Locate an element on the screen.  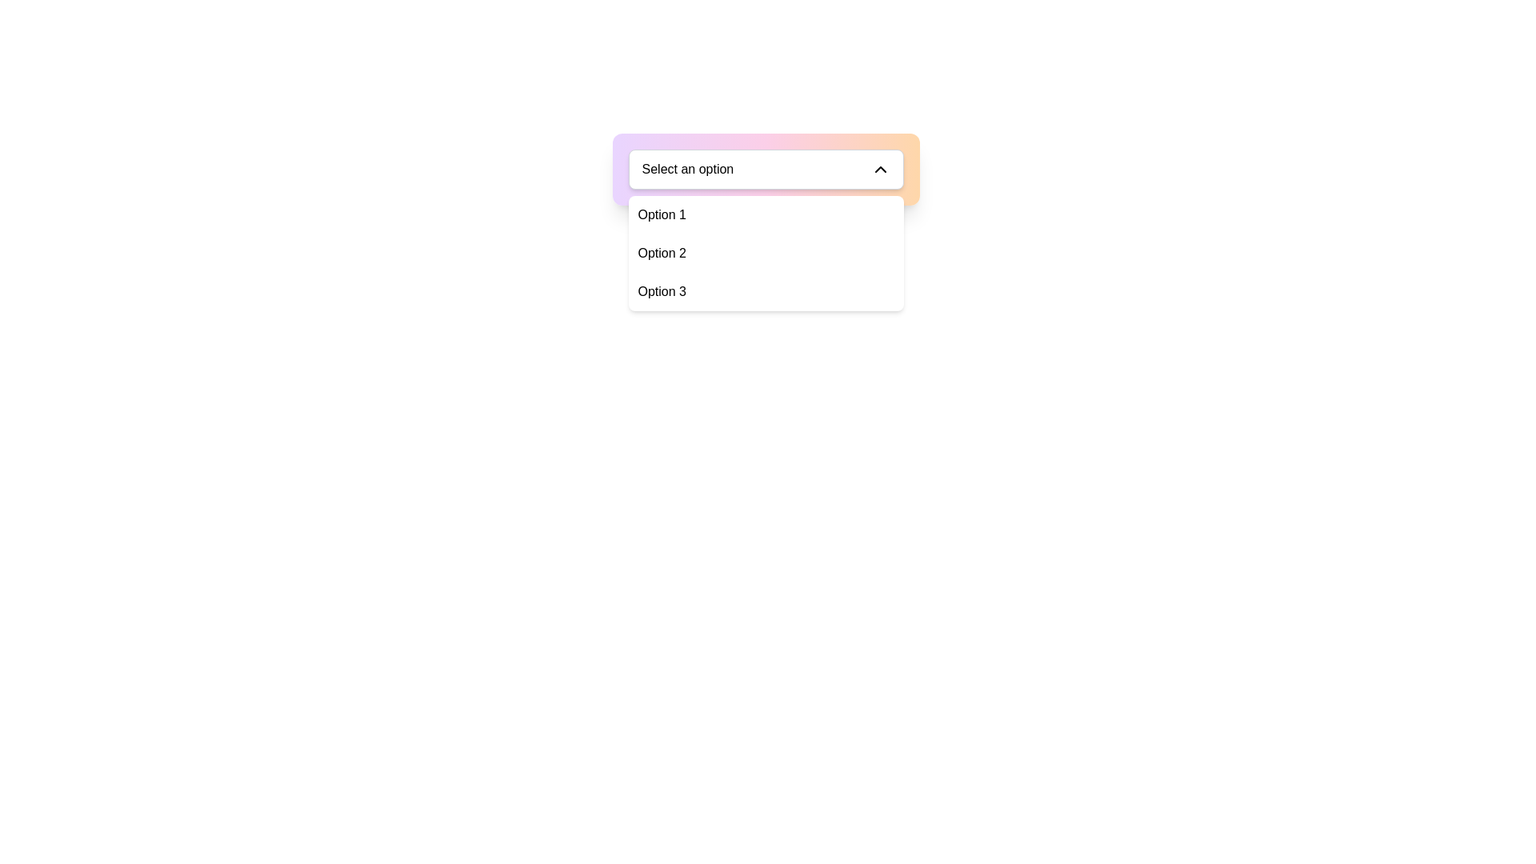
the dropdown menu located centrally within the gradient-colored card interface is located at coordinates (765, 170).